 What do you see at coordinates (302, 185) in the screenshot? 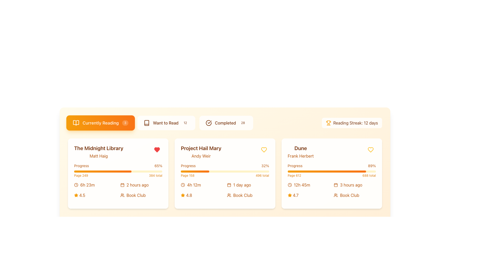
I see `text label displaying '12h 45m' located in the information panel of the 'Dune' book card, positioned to the right of a clock icon` at bounding box center [302, 185].